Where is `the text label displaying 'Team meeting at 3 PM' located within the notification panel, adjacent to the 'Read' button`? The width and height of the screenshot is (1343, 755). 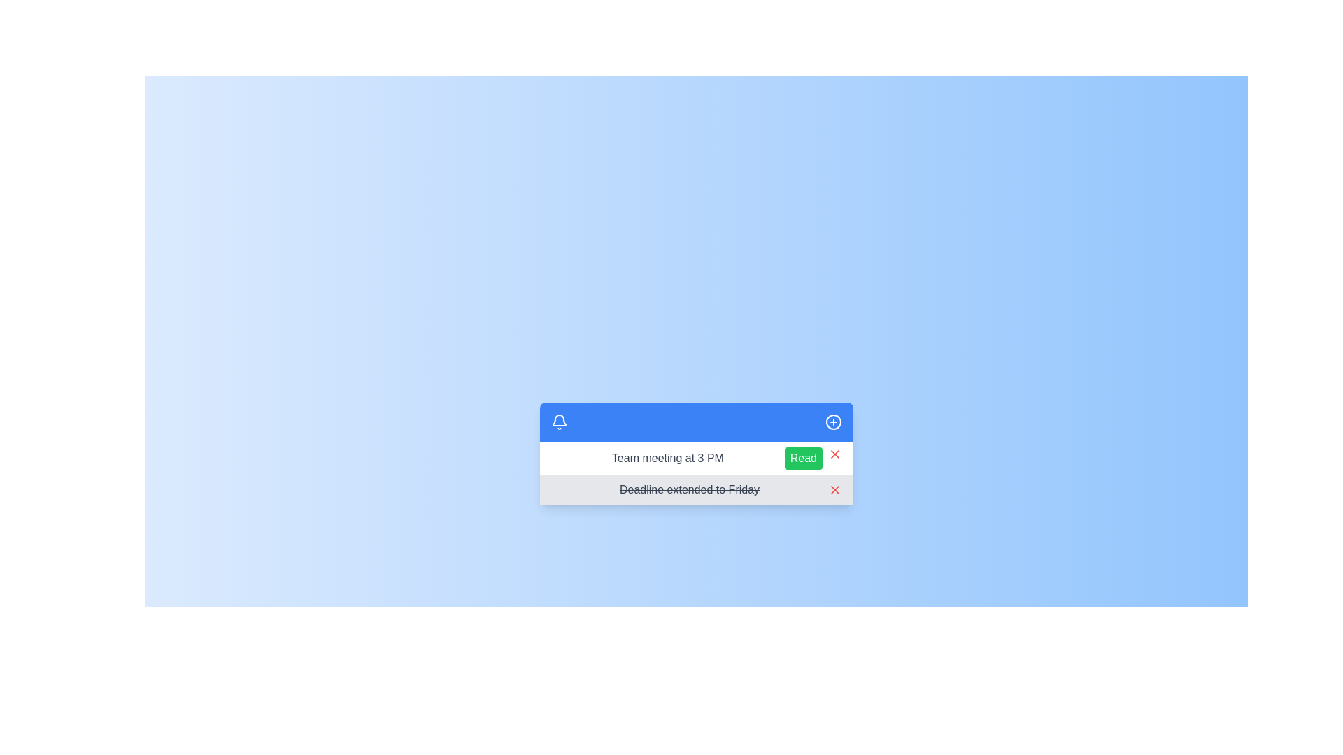 the text label displaying 'Team meeting at 3 PM' located within the notification panel, adjacent to the 'Read' button is located at coordinates (667, 458).